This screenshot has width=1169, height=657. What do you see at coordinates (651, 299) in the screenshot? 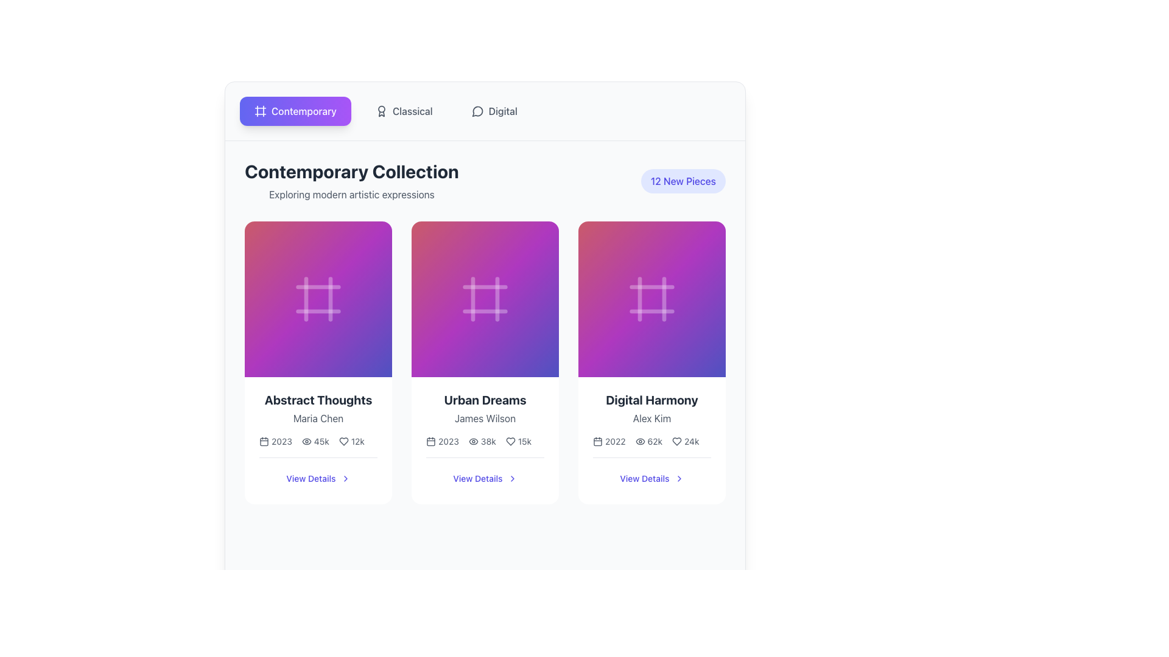
I see `the icon representing the concept of a frame or grid located at the center of the third item card labeled 'Digital Harmony' by Alex Kim` at bounding box center [651, 299].